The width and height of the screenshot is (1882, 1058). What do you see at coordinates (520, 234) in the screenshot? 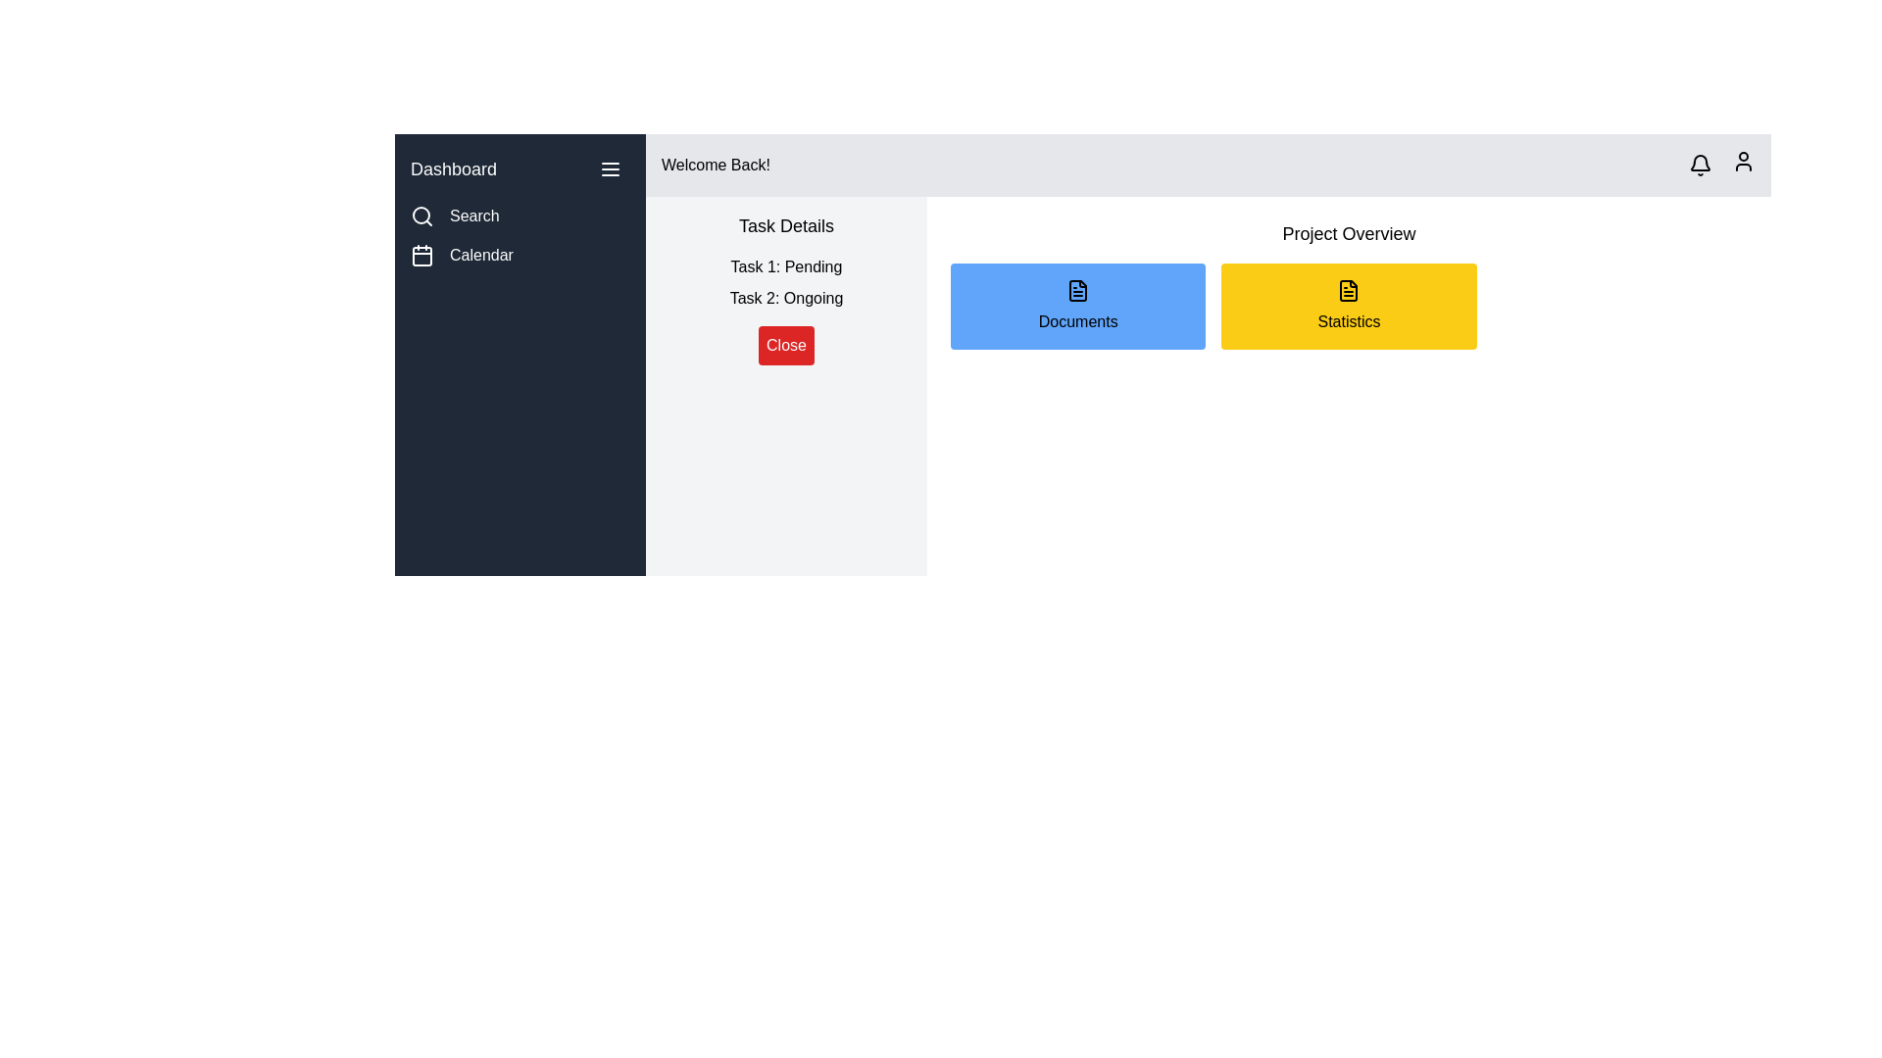
I see `the menu grouping containing 'Search' and 'Calendar' items in the sidebar` at bounding box center [520, 234].